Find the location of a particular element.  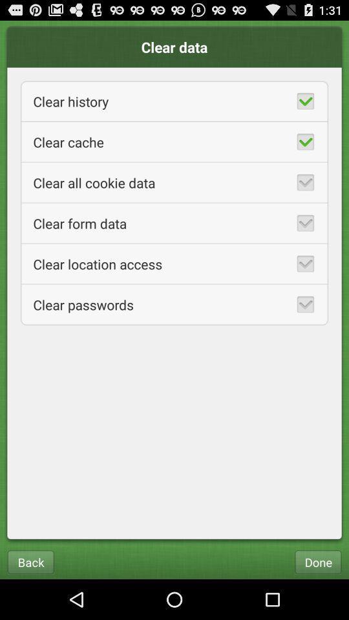

item below the clear location access app is located at coordinates (174, 304).